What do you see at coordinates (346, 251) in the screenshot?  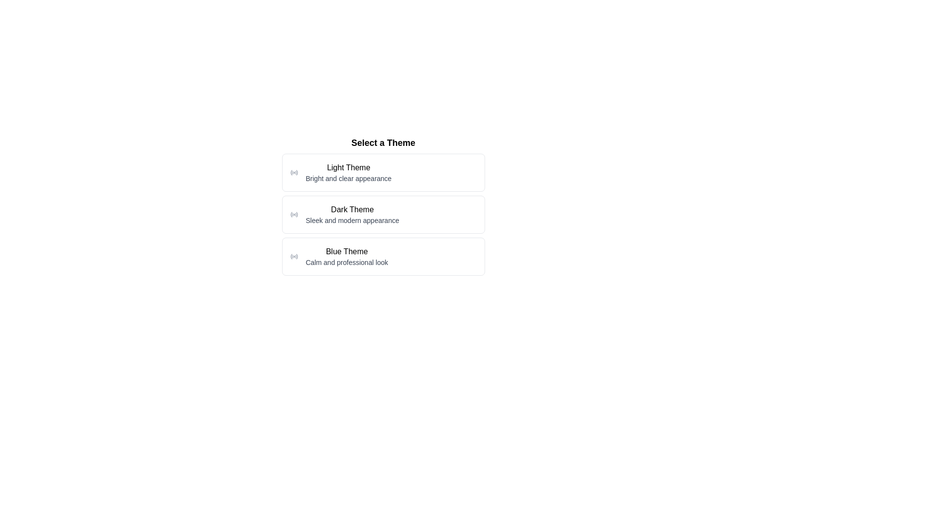 I see `header text 'Blue Theme' which is centrally positioned within the third thematic selection option below the 'Dark Theme' option` at bounding box center [346, 251].